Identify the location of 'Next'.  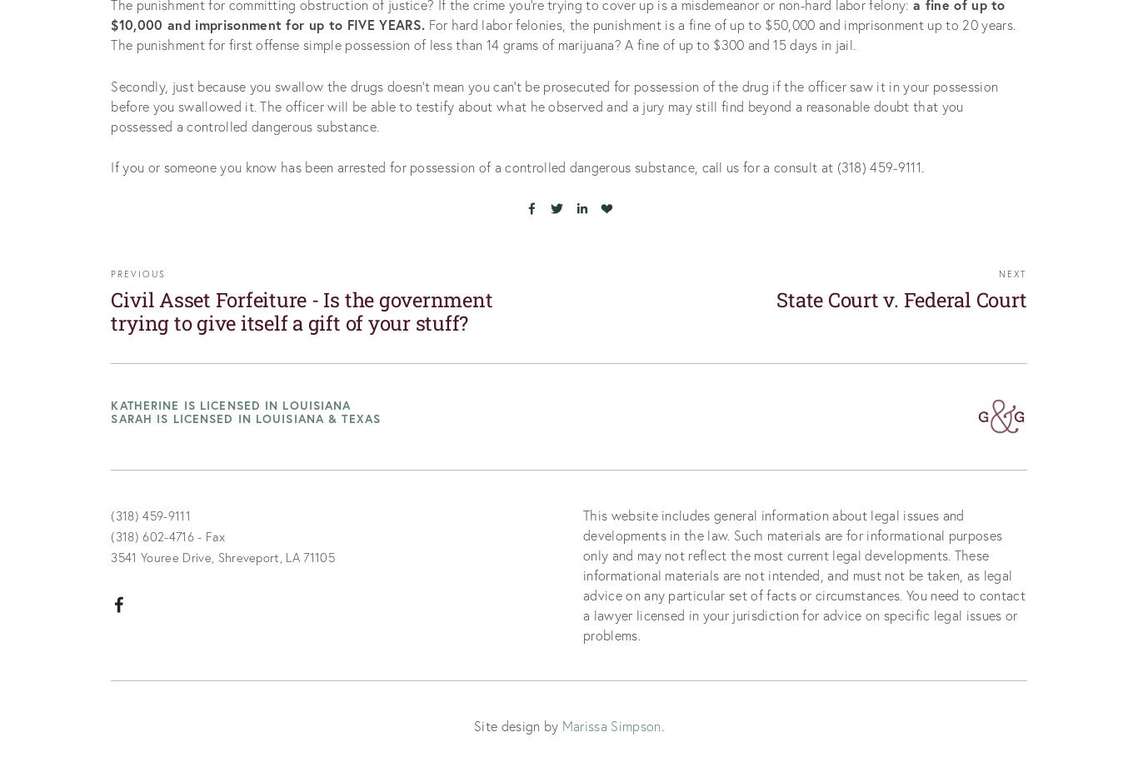
(1012, 273).